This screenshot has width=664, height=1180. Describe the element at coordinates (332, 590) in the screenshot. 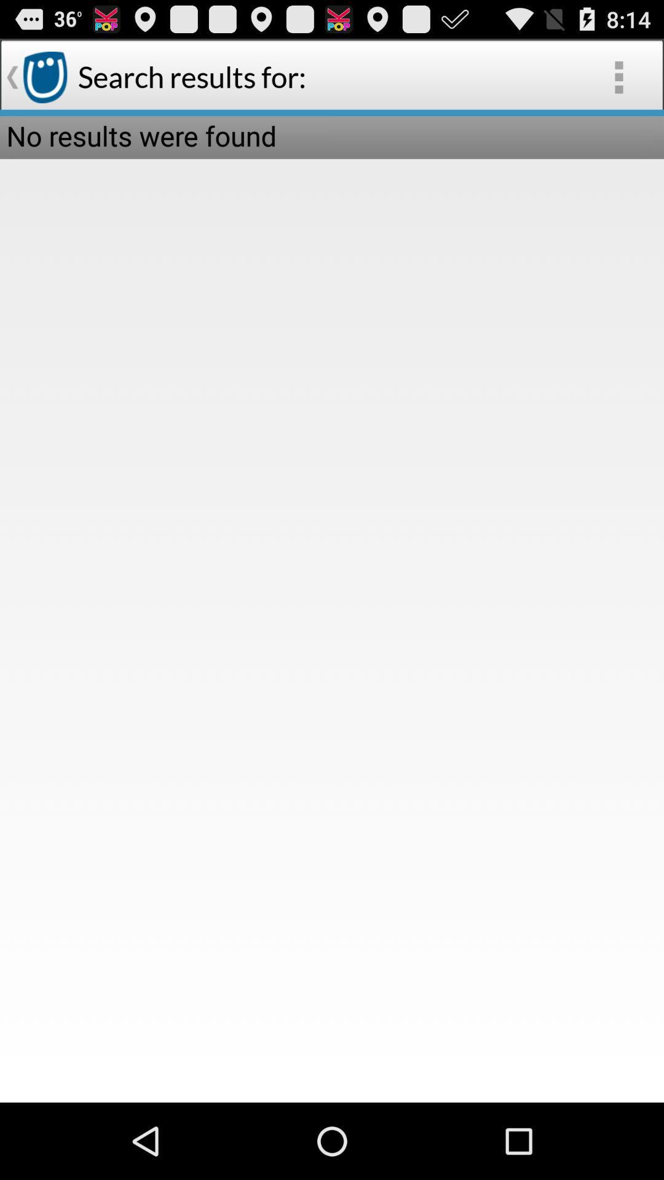

I see `the item at the center` at that location.